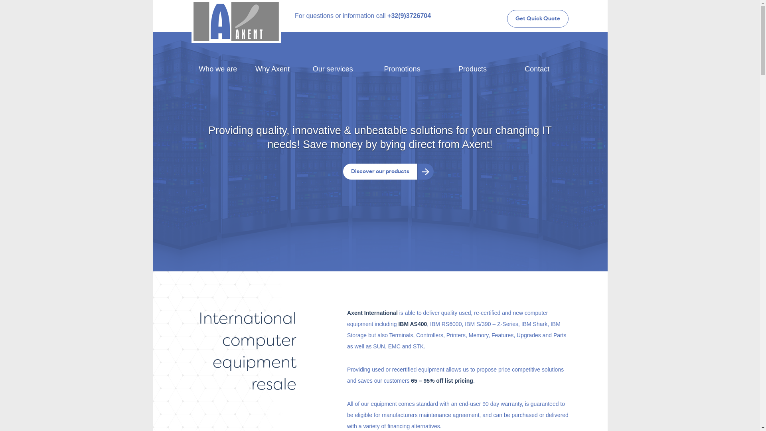  Describe the element at coordinates (333, 69) in the screenshot. I see `'Our services'` at that location.